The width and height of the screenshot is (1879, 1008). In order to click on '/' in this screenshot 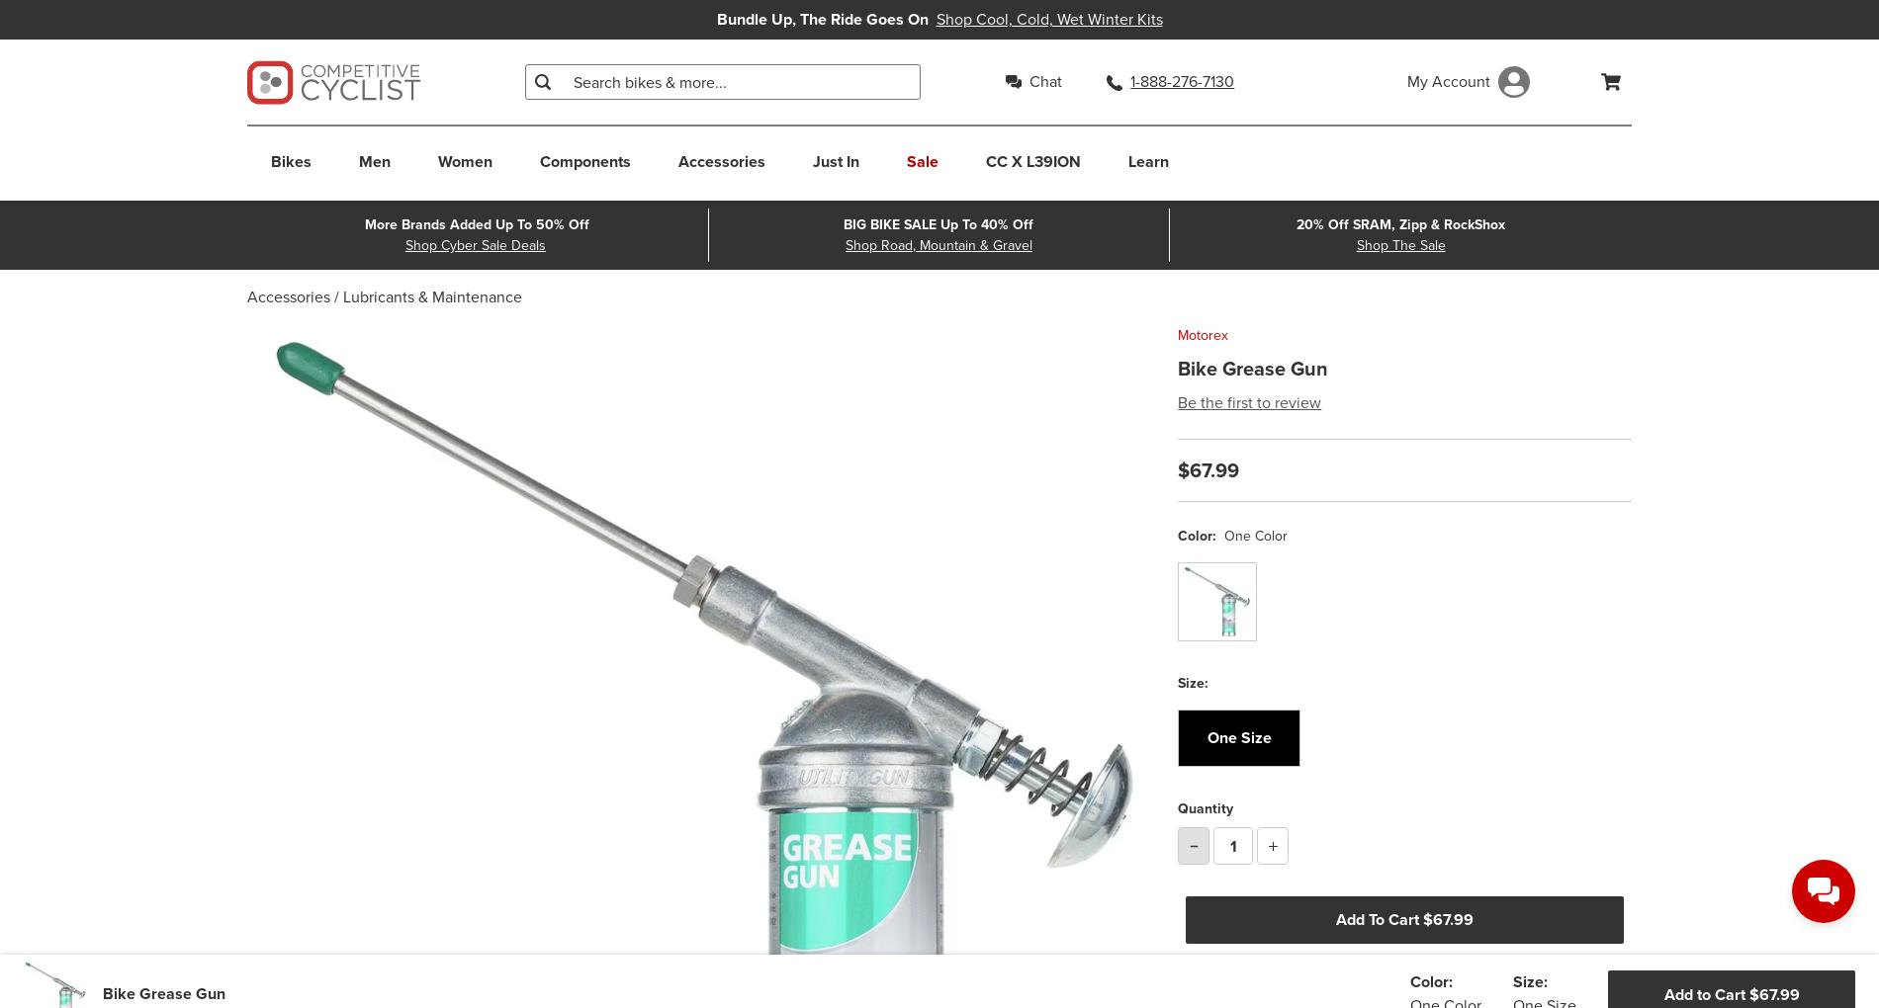, I will do `click(335, 296)`.